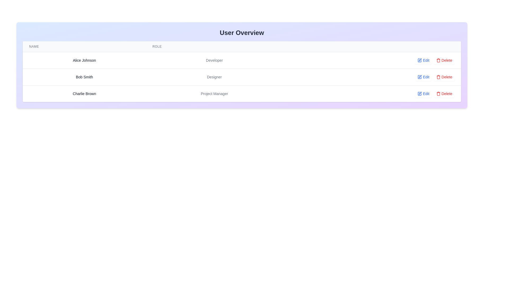 This screenshot has height=286, width=509. What do you see at coordinates (371, 93) in the screenshot?
I see `the 'Delete' button located on the right side of the table row containing 'Charlie Brown' and 'Project Manager'` at bounding box center [371, 93].